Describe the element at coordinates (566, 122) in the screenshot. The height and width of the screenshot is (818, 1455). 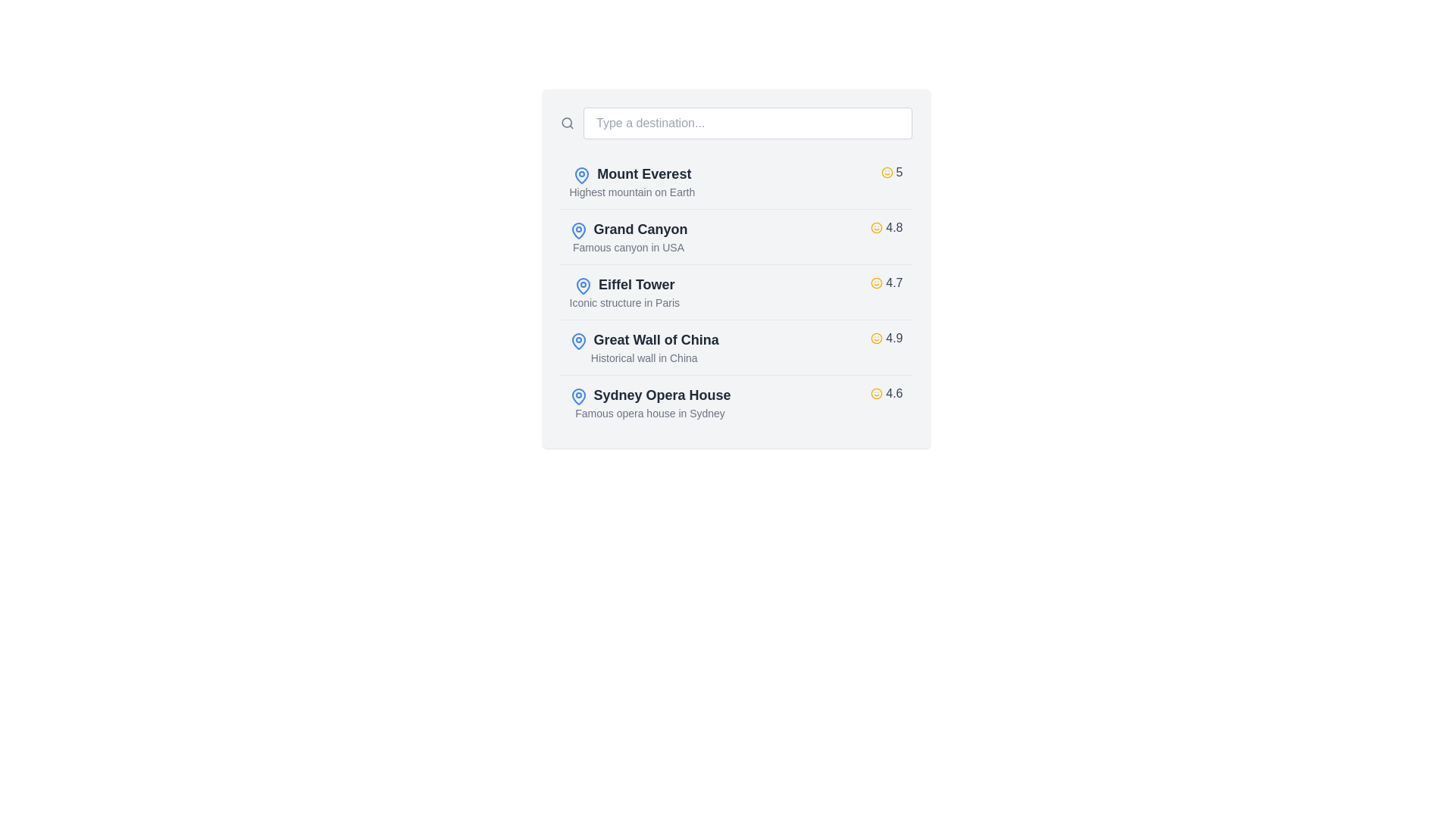
I see `the search icon represented by a gray magnifying glass, located next to the text input box labeled 'Type a destination...', to trigger potential tooltip or visual feedback` at that location.